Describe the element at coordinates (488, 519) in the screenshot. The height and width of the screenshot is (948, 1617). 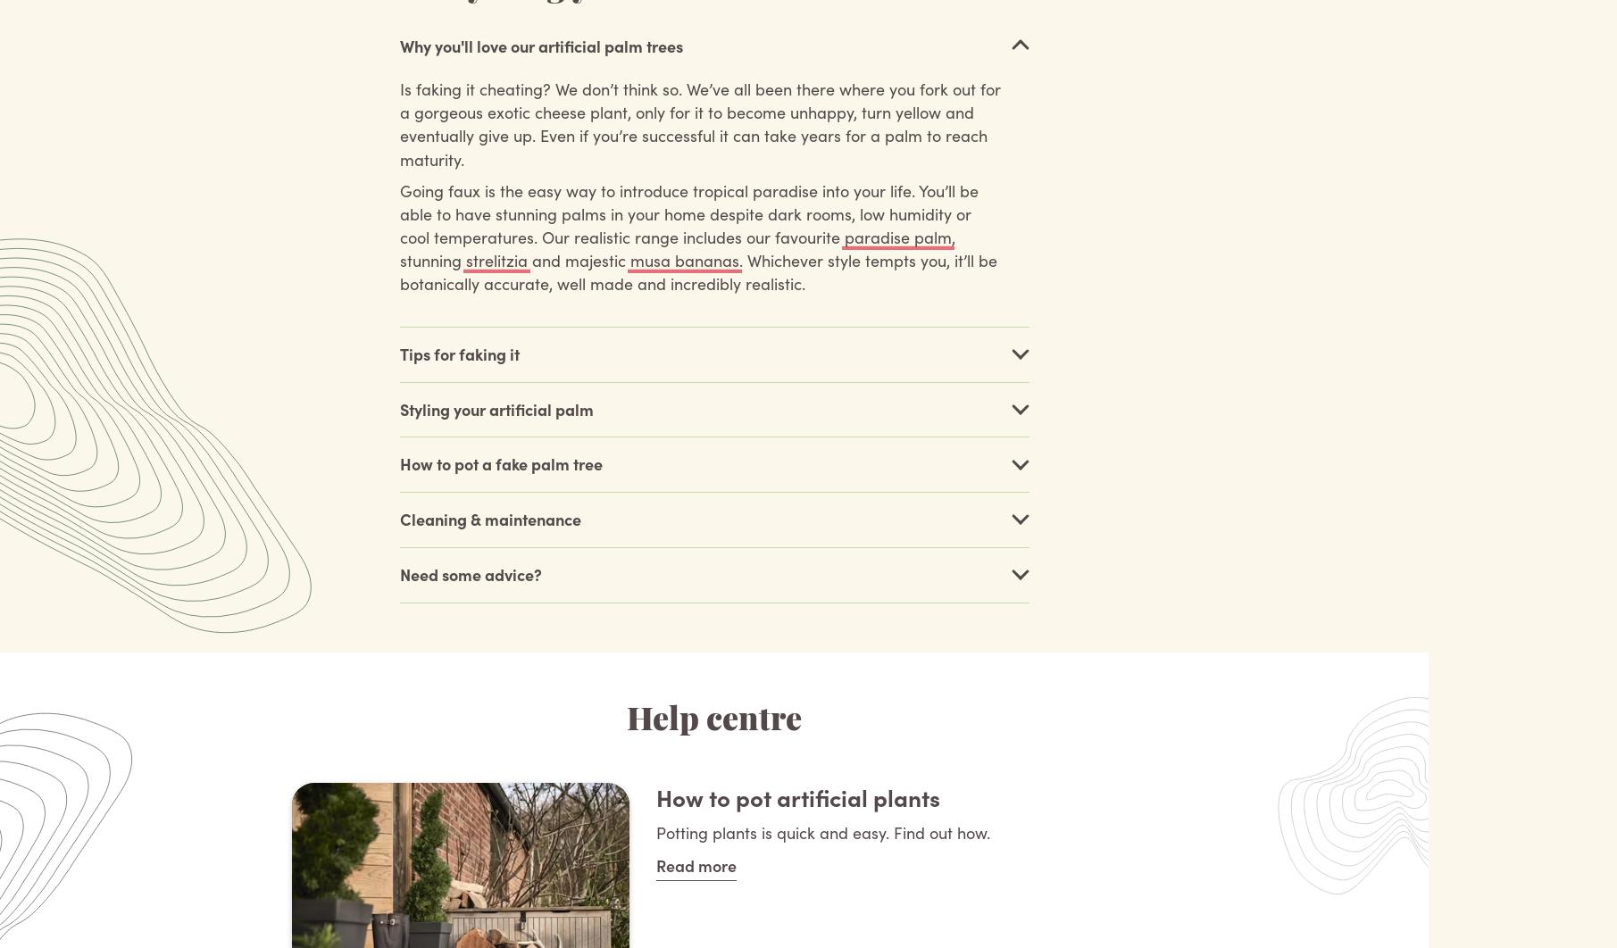
I see `'Cleaning & maintenance'` at that location.